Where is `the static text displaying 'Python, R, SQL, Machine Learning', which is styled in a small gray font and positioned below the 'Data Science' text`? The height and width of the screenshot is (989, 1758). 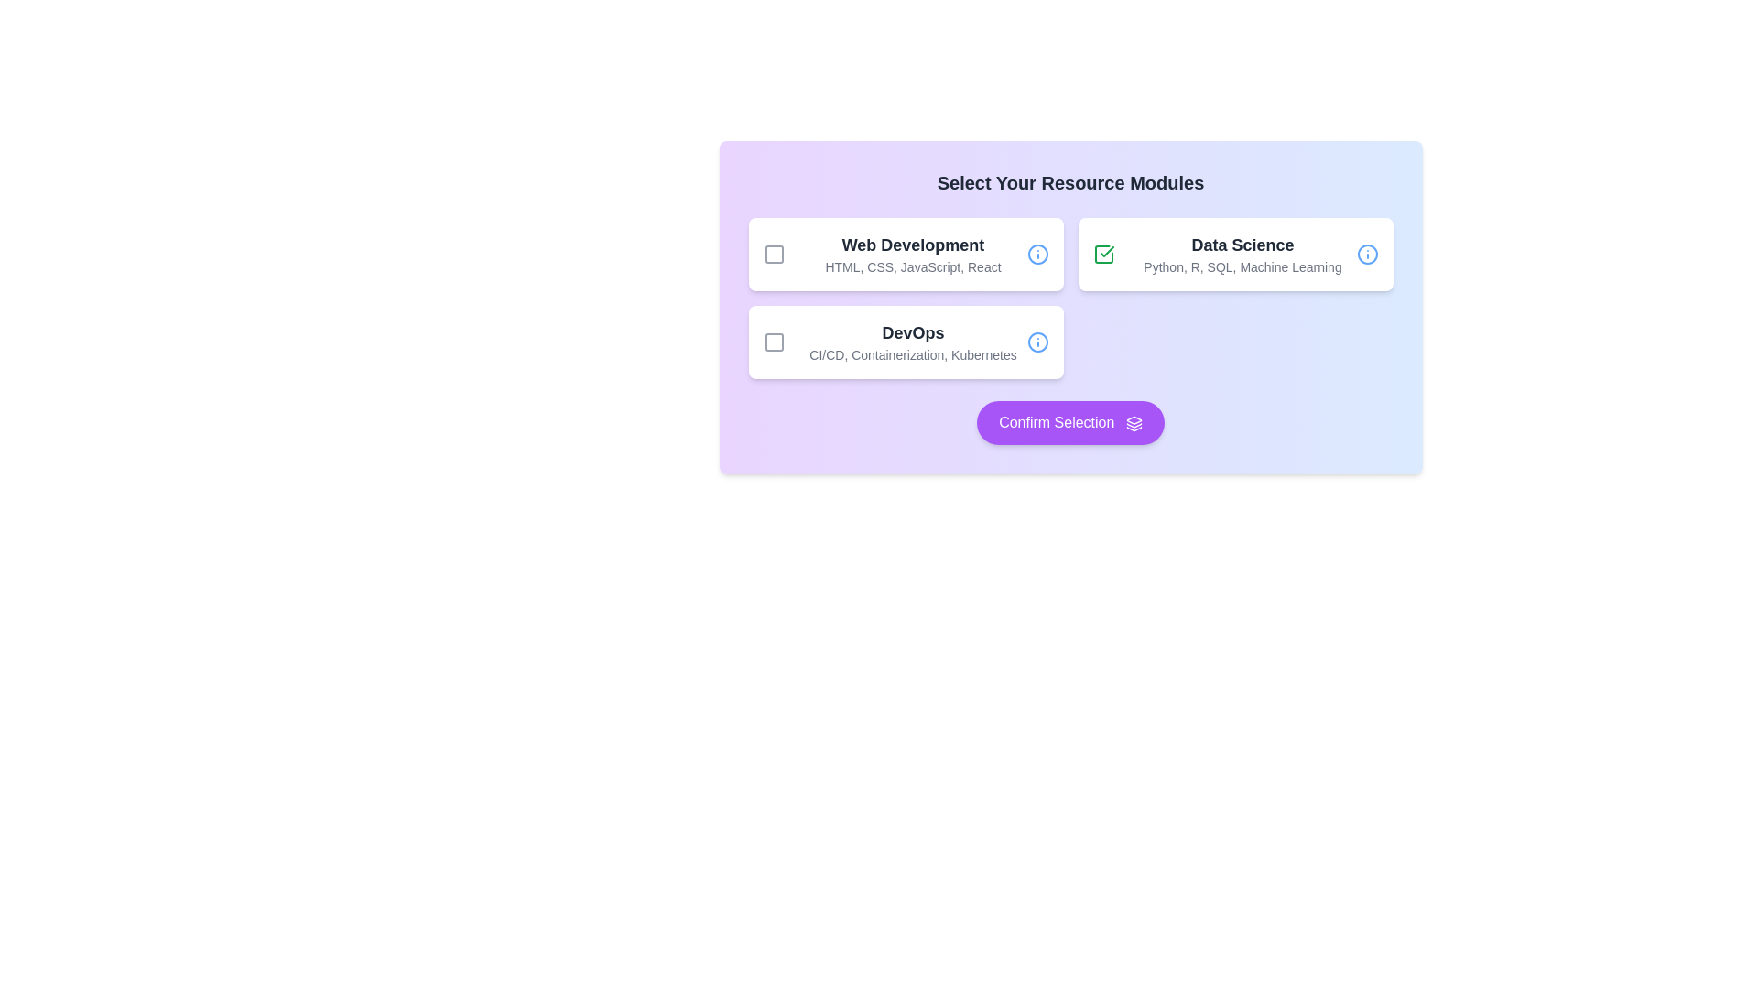 the static text displaying 'Python, R, SQL, Machine Learning', which is styled in a small gray font and positioned below the 'Data Science' text is located at coordinates (1243, 267).